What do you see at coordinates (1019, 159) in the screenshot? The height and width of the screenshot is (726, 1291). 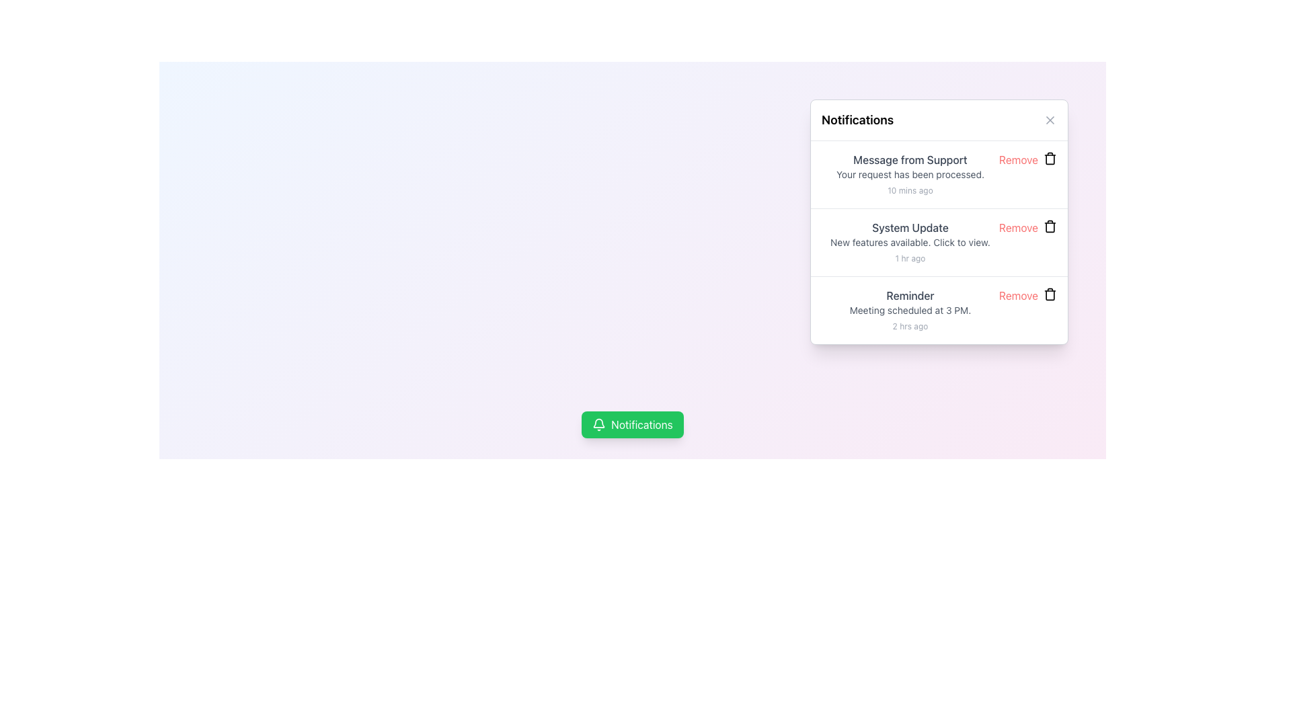 I see `the actionable button` at bounding box center [1019, 159].